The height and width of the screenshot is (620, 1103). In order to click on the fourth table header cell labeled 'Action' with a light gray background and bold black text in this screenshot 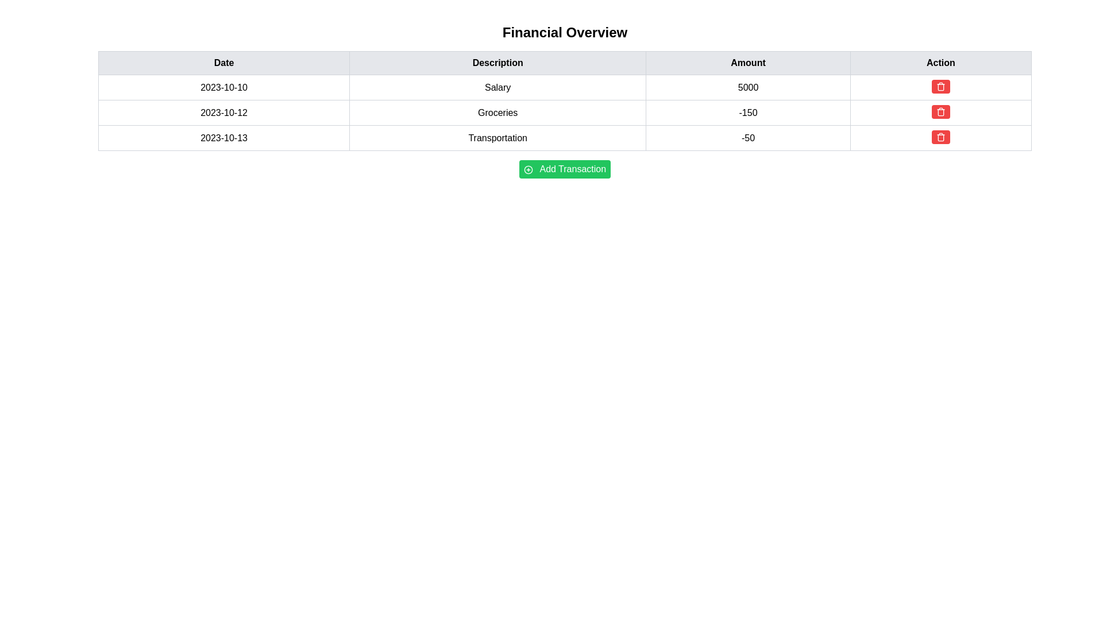, I will do `click(940, 63)`.